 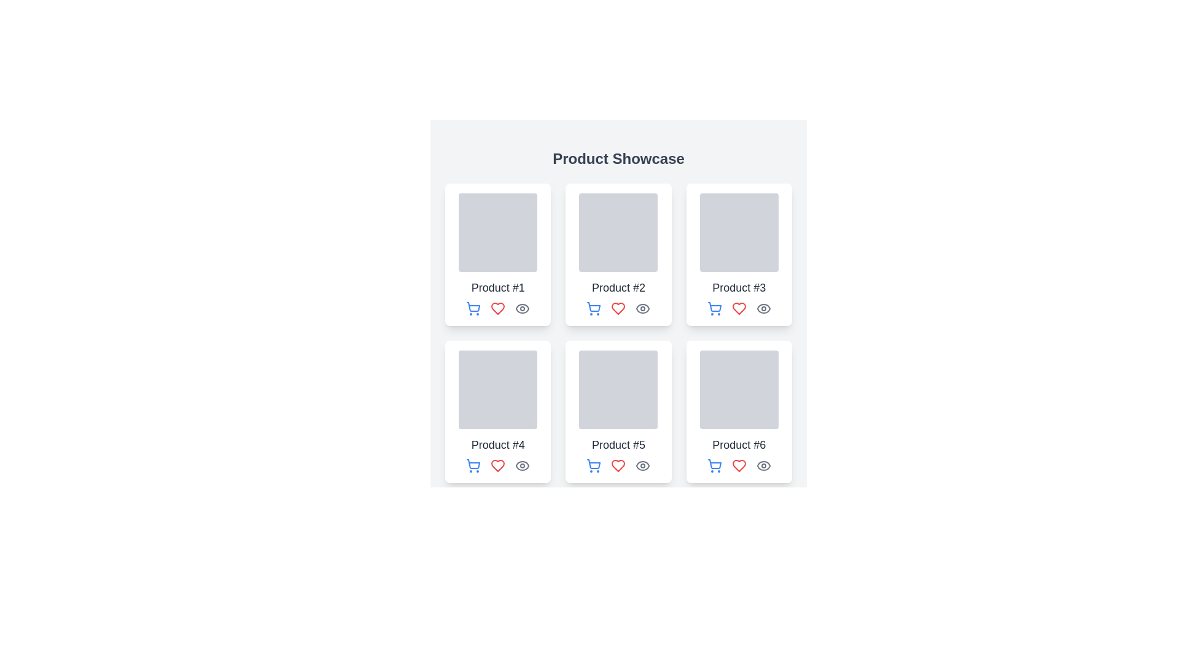 I want to click on the heart-shaped like button, which is the second button in a row of three located below the 'Product #1' card, so click(x=498, y=308).